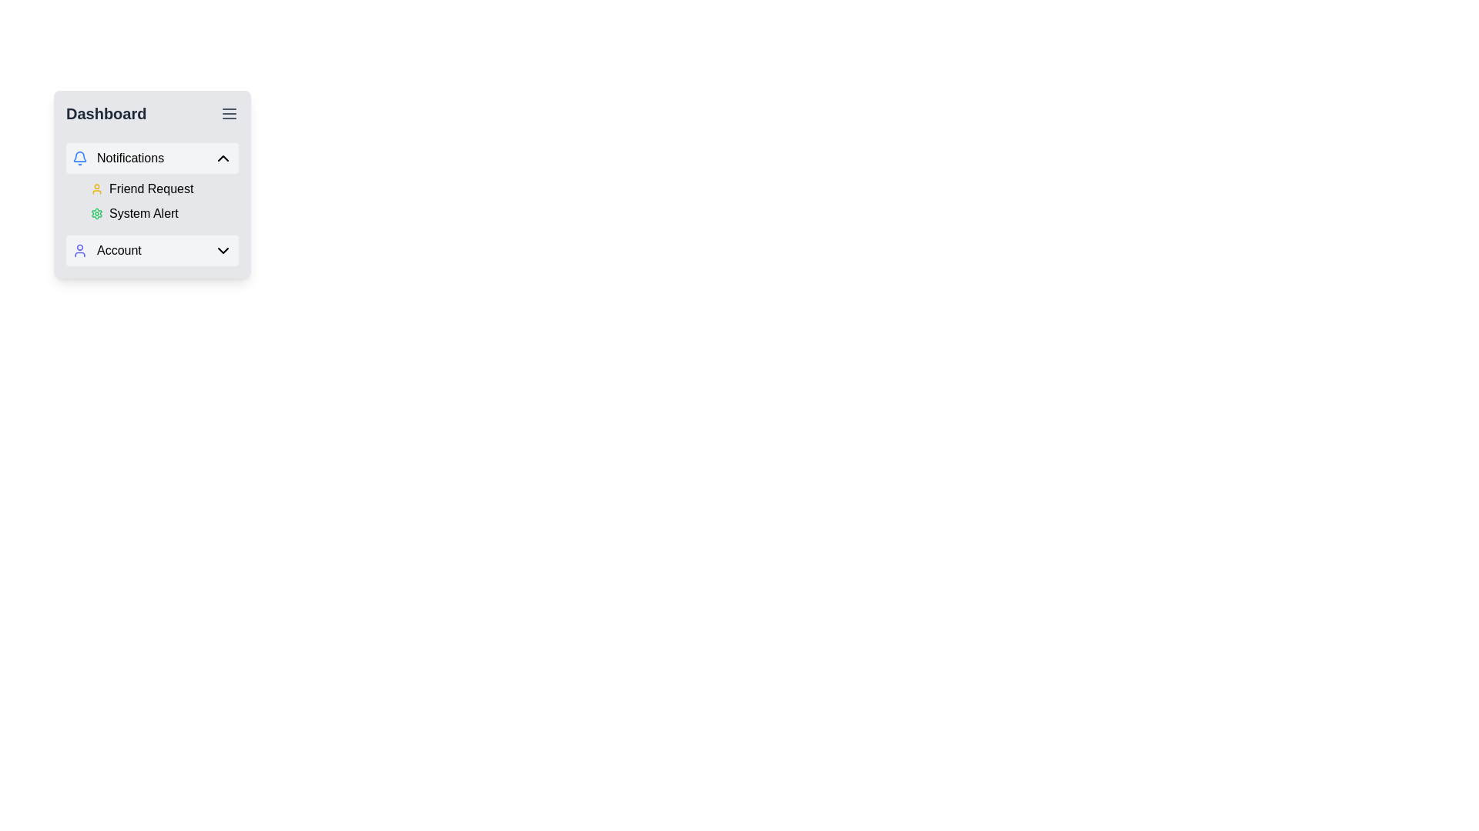 This screenshot has width=1479, height=831. Describe the element at coordinates (222, 158) in the screenshot. I see `the upward-pointing chevron icon located on the right side of the 'Notifications' panel header` at that location.